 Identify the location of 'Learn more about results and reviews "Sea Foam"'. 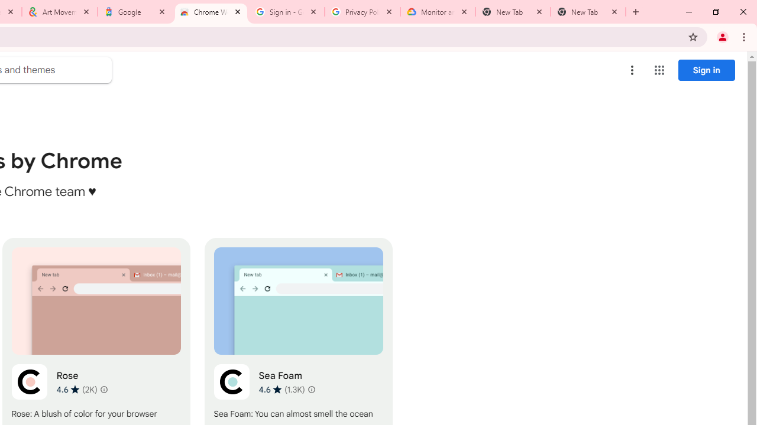
(311, 389).